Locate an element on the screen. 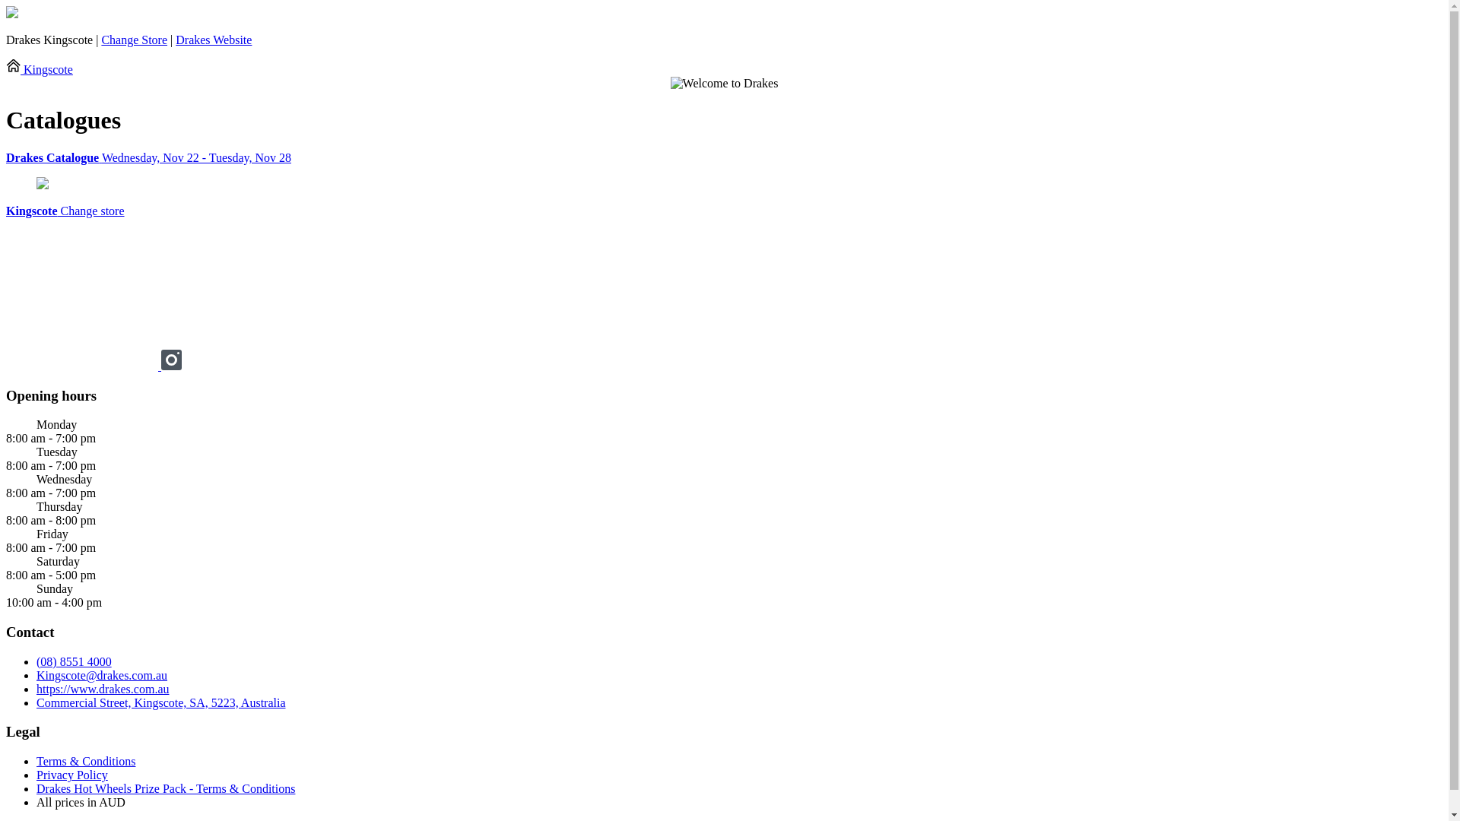 This screenshot has width=1460, height=821. 'Change Store' is located at coordinates (134, 39).